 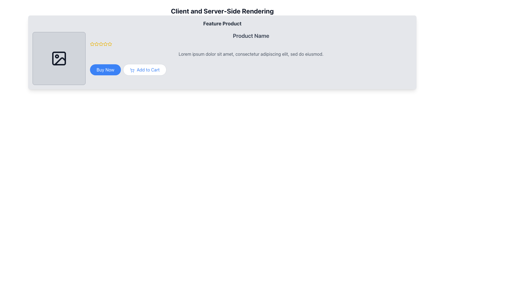 What do you see at coordinates (101, 44) in the screenshot?
I see `the fourth star-shaped icon, which has a yellow outline, to rate or view its state` at bounding box center [101, 44].